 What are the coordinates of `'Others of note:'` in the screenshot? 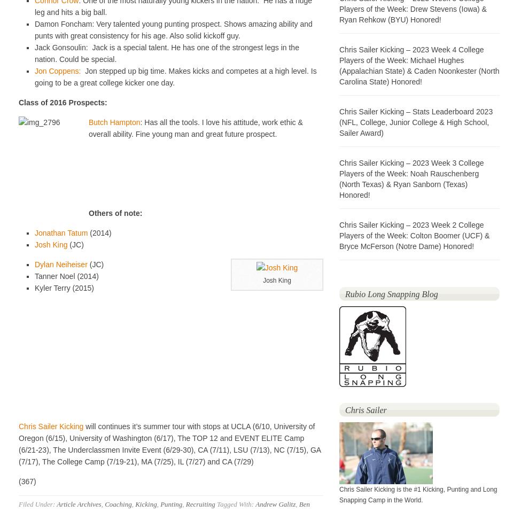 It's located at (115, 213).